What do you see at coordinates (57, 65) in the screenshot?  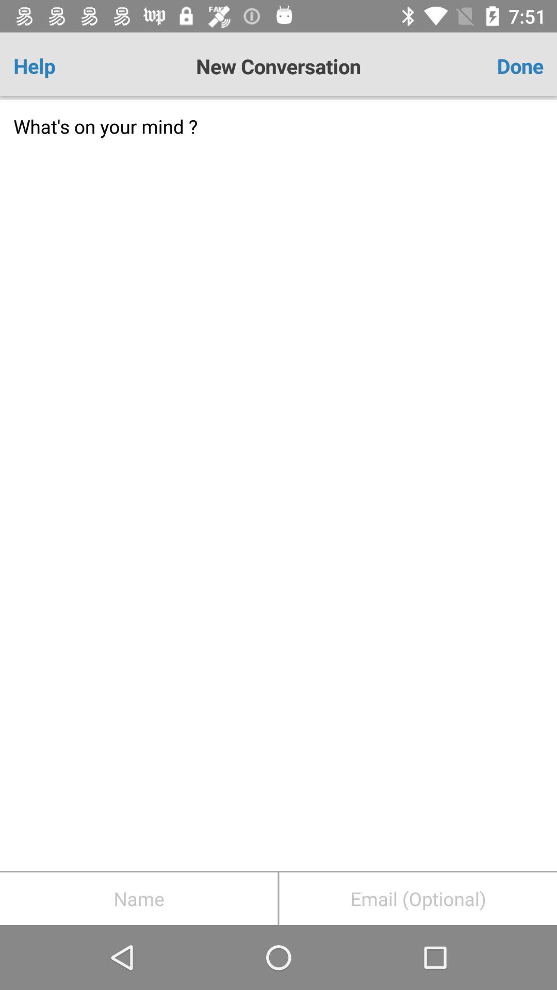 I see `icon at the top left corner` at bounding box center [57, 65].